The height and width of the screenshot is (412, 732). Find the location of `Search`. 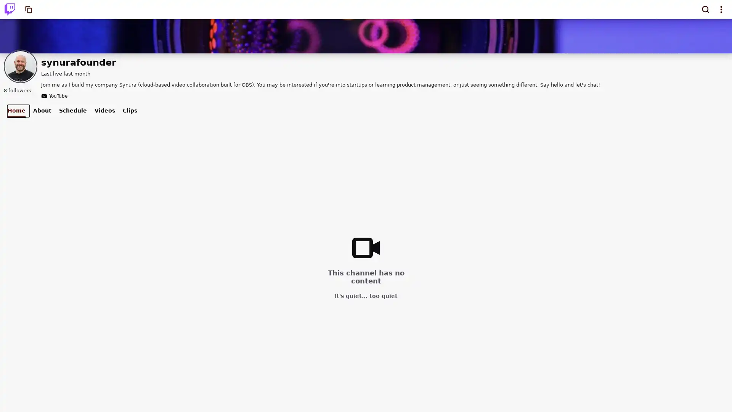

Search is located at coordinates (705, 9).